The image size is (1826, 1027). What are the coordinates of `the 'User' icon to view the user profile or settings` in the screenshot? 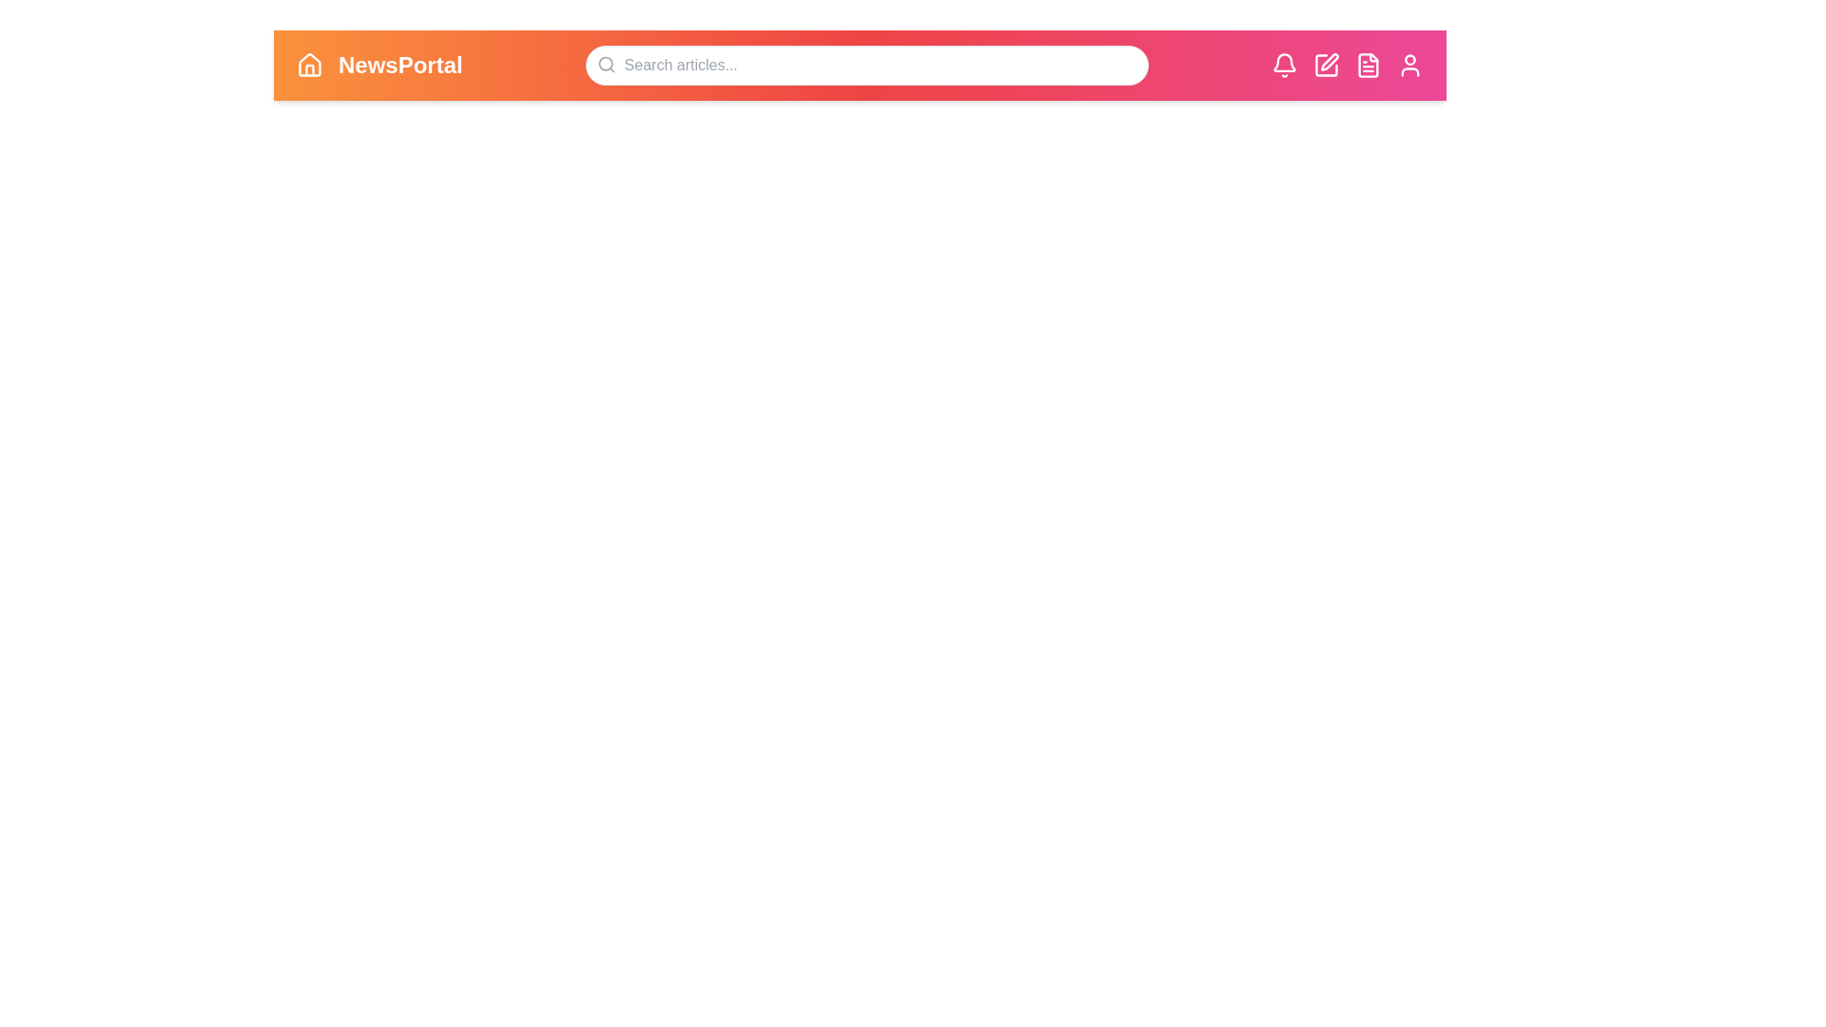 It's located at (1410, 65).